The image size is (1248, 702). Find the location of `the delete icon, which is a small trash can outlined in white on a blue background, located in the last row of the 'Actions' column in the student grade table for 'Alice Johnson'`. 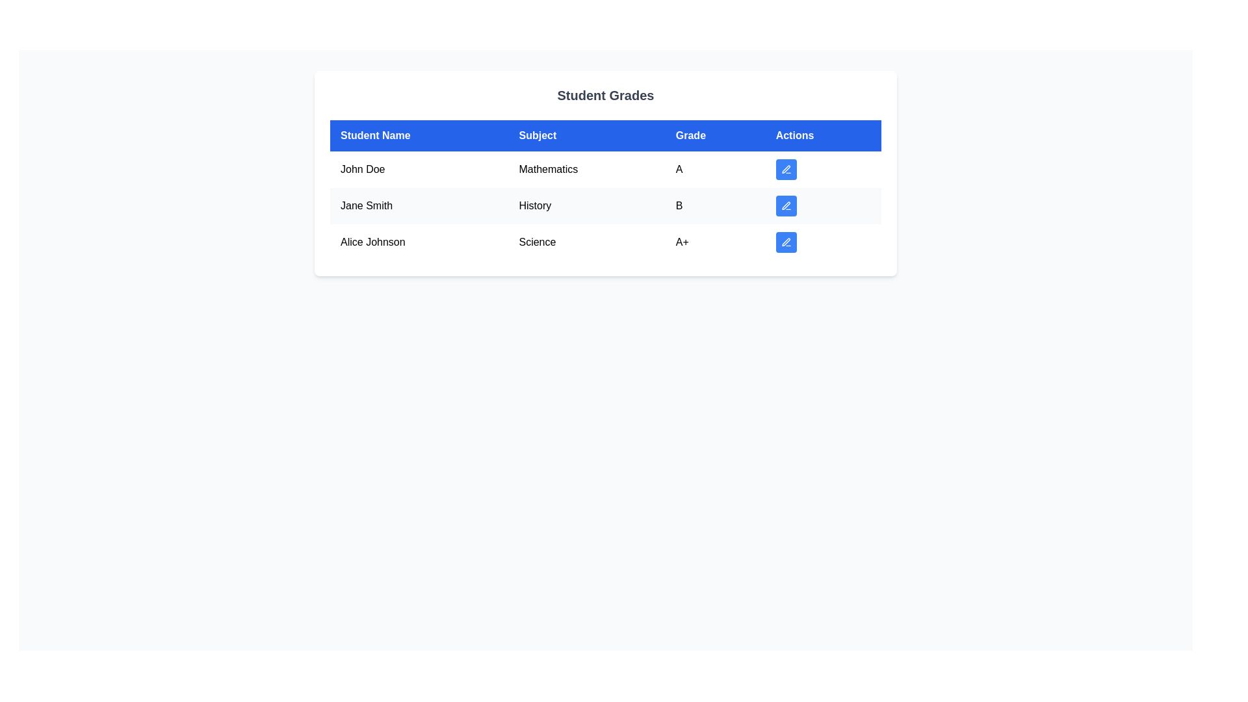

the delete icon, which is a small trash can outlined in white on a blue background, located in the last row of the 'Actions' column in the student grade table for 'Alice Johnson' is located at coordinates (785, 242).